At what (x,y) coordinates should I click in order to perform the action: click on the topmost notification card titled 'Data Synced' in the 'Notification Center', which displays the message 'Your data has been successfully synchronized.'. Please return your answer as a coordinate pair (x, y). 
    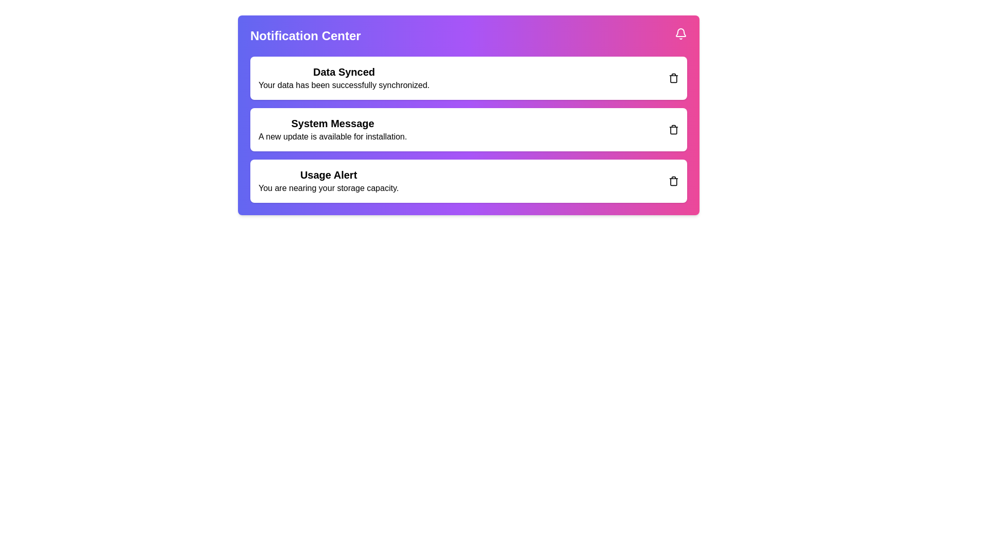
    Looking at the image, I should click on (468, 77).